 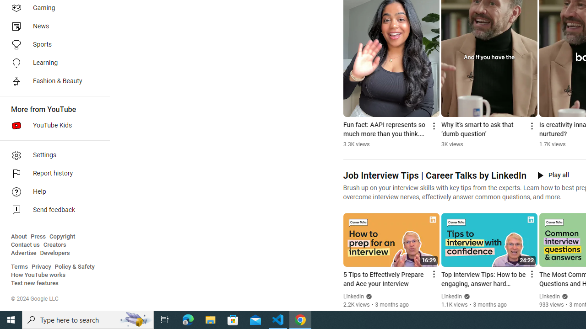 I want to click on 'Press', so click(x=38, y=236).